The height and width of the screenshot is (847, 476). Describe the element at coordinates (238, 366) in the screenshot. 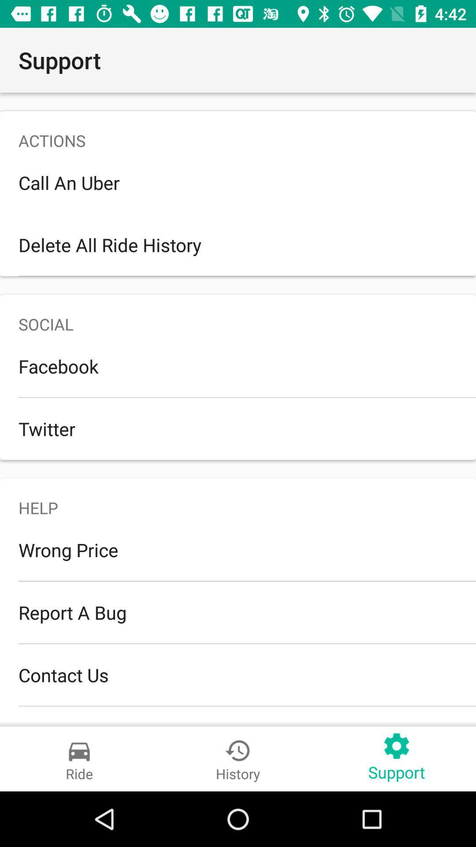

I see `the facebook` at that location.